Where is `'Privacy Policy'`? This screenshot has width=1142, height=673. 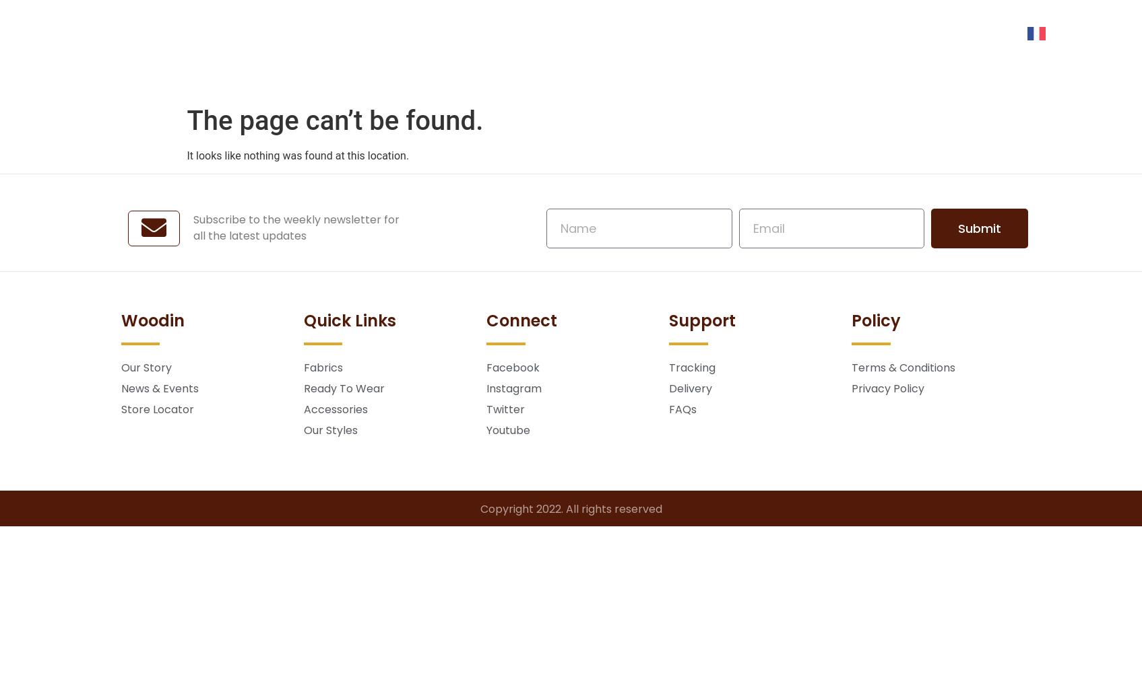
'Privacy Policy' is located at coordinates (888, 387).